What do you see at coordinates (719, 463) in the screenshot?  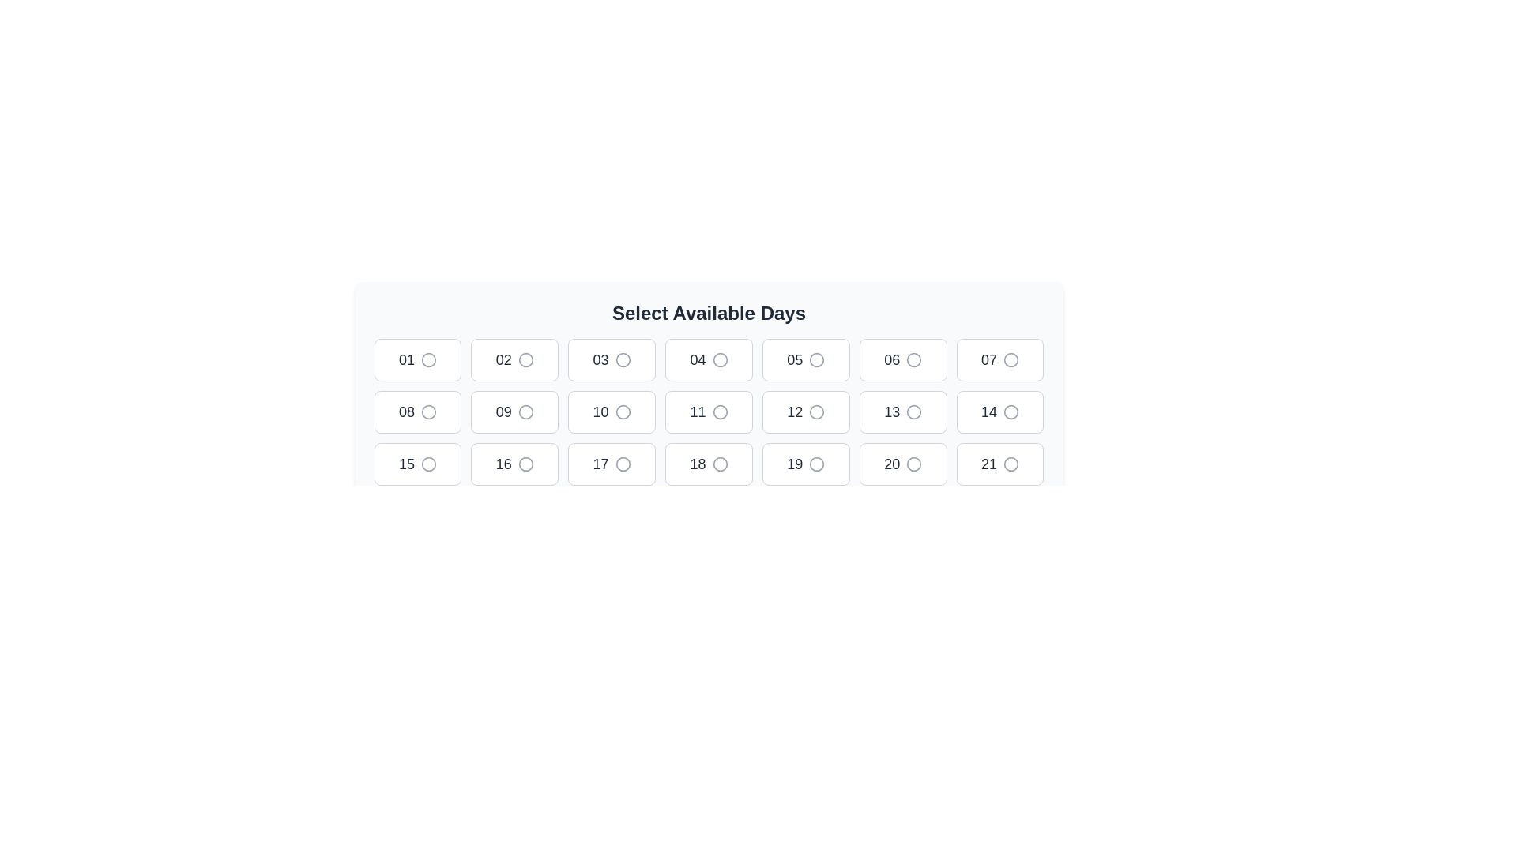 I see `the circle control representing the day 18 in the date selection interface` at bounding box center [719, 463].